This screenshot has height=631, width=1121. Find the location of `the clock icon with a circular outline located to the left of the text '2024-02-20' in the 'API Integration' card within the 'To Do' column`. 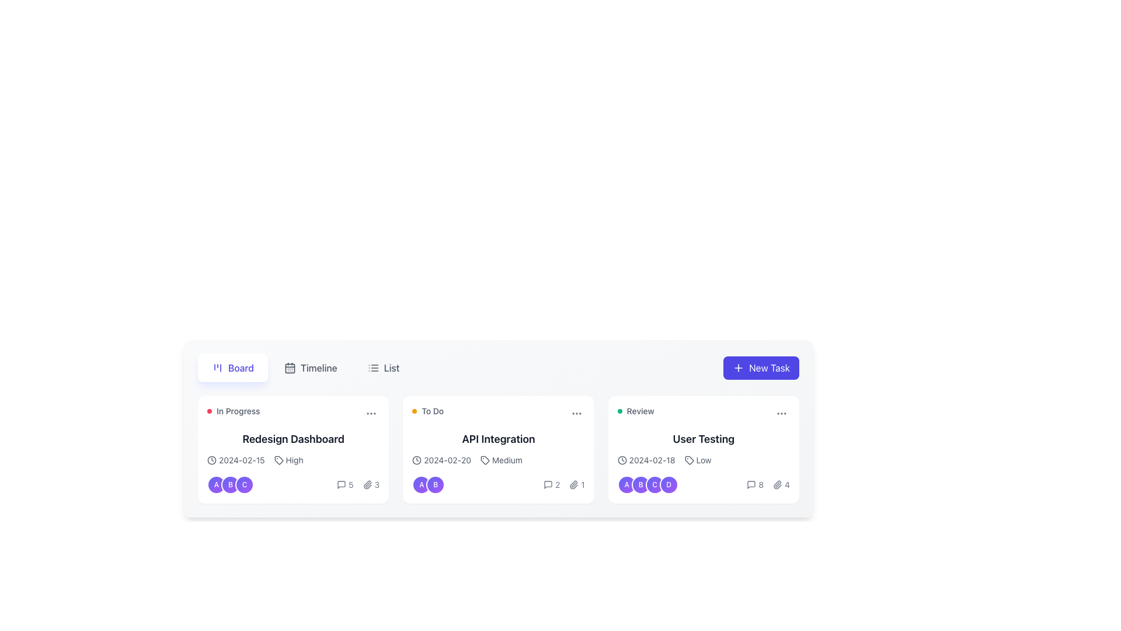

the clock icon with a circular outline located to the left of the text '2024-02-20' in the 'API Integration' card within the 'To Do' column is located at coordinates (417, 459).